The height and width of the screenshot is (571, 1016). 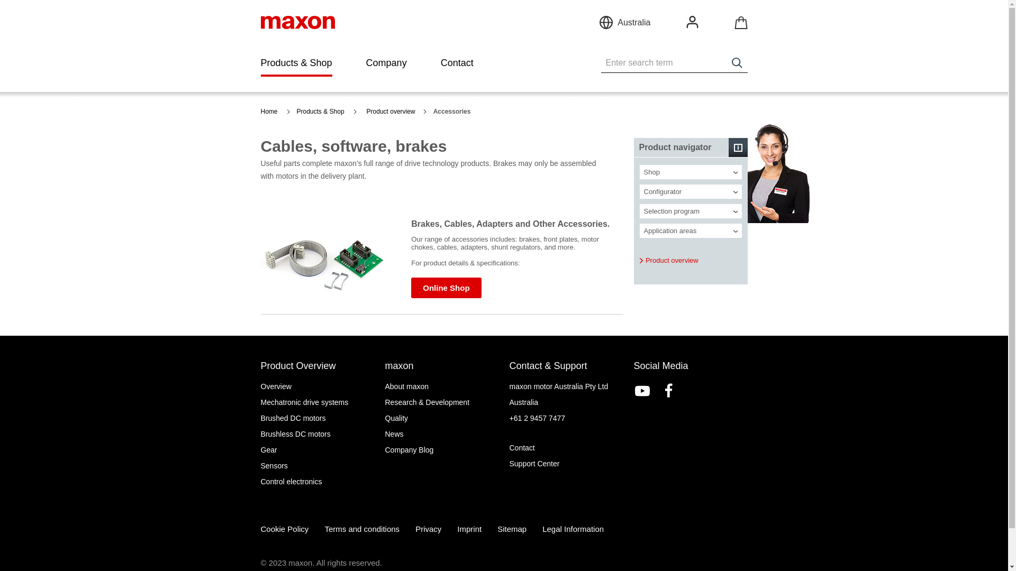 What do you see at coordinates (565, 463) in the screenshot?
I see `'Support Center'` at bounding box center [565, 463].